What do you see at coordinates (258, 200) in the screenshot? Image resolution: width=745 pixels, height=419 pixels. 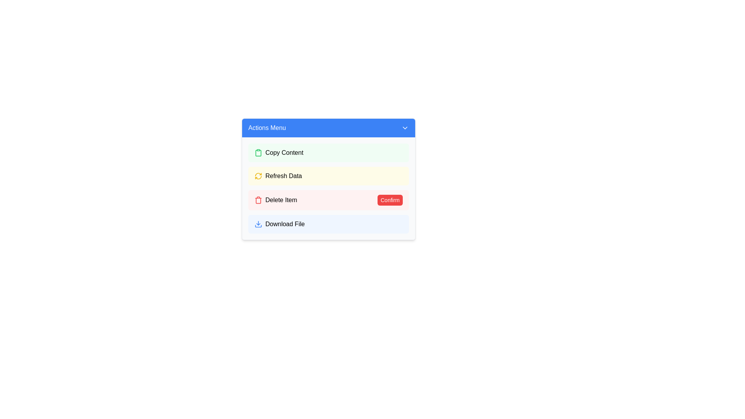 I see `the red trashcan-shaped icon located in the third row of the dropdown menu` at bounding box center [258, 200].